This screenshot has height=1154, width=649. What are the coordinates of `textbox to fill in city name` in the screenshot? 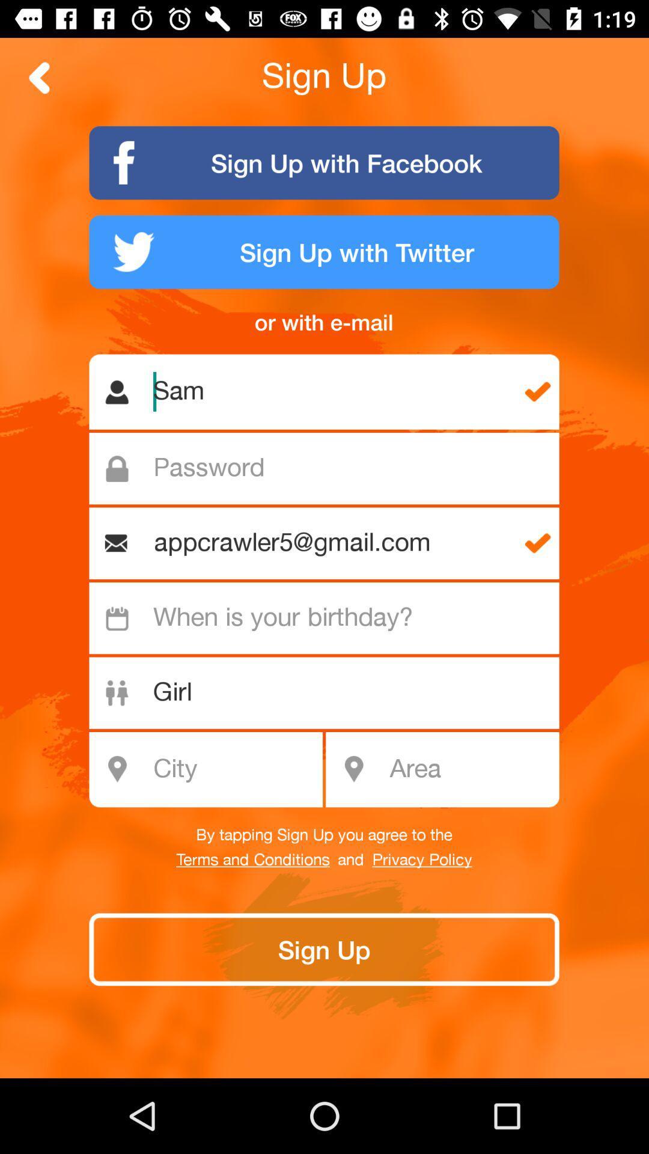 It's located at (212, 769).